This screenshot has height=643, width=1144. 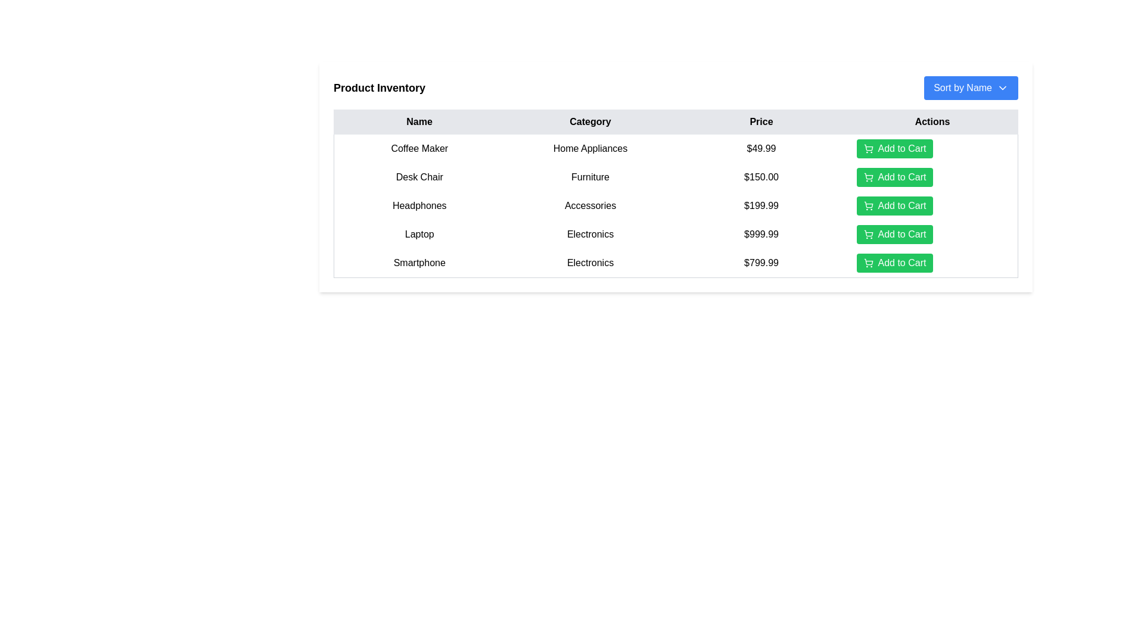 I want to click on the second button under the 'Actions' column in the table, so click(x=895, y=177).